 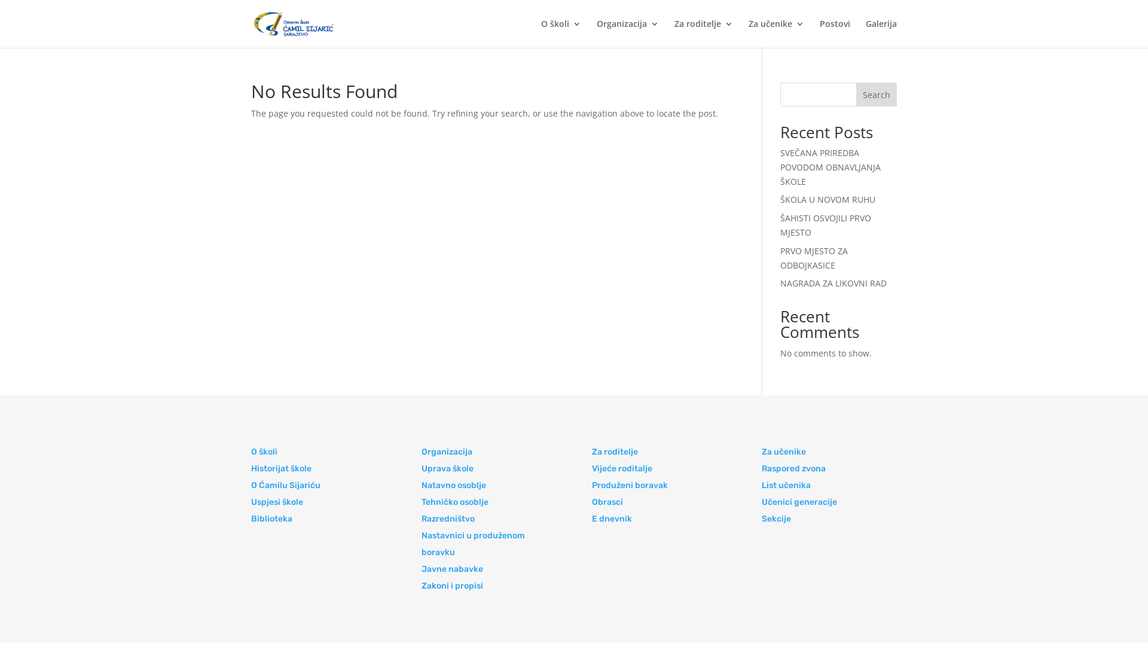 I want to click on 'Sekcije', so click(x=776, y=518).